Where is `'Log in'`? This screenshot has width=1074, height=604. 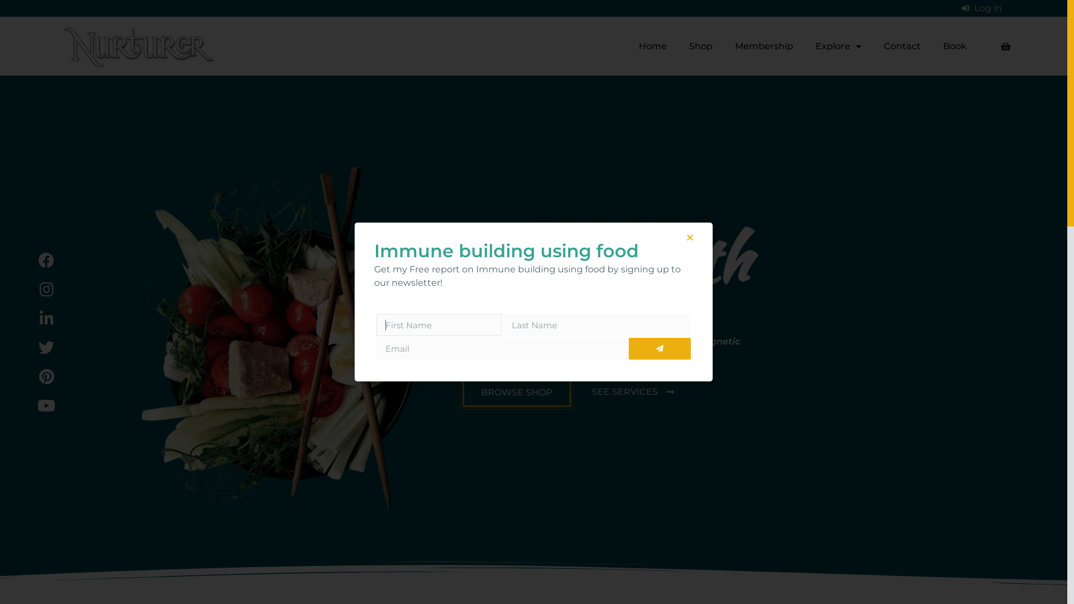 'Log in' is located at coordinates (981, 8).